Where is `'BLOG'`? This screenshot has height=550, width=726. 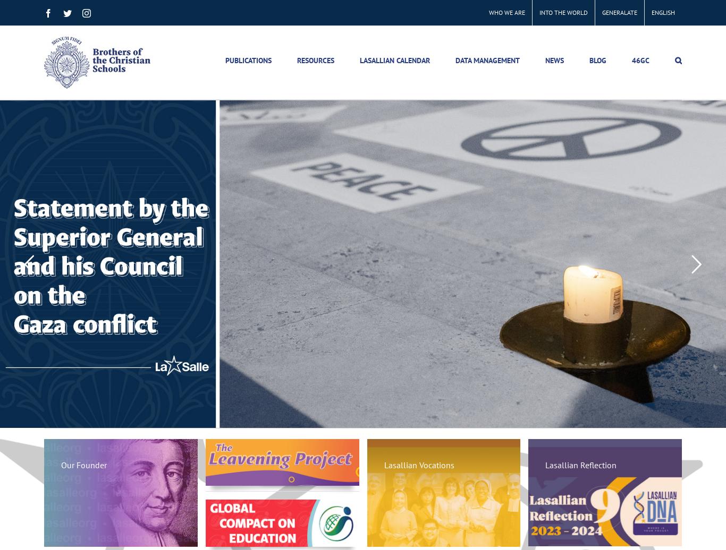 'BLOG' is located at coordinates (597, 60).